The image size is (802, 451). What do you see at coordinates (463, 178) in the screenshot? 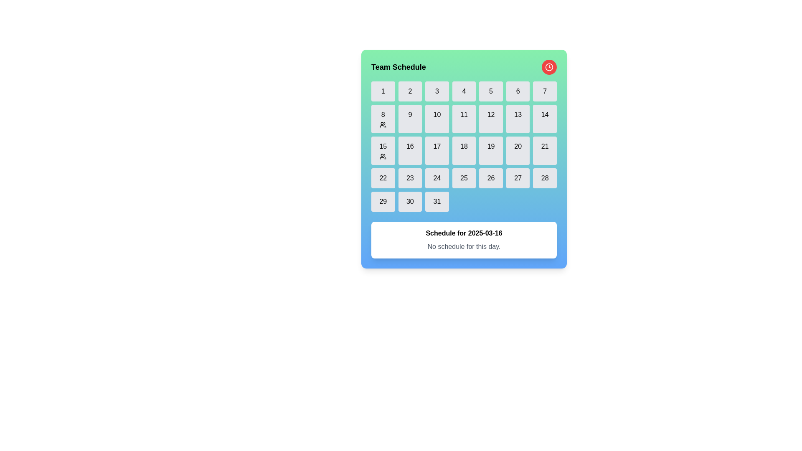
I see `the text element displaying the number '25' within the calendar button` at bounding box center [463, 178].